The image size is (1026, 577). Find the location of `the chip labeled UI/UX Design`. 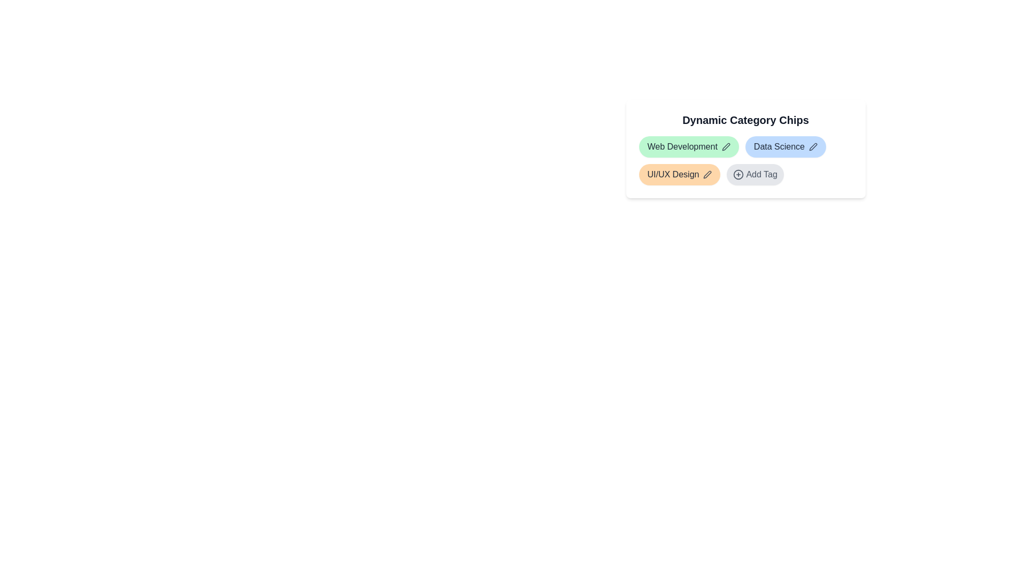

the chip labeled UI/UX Design is located at coordinates (679, 174).